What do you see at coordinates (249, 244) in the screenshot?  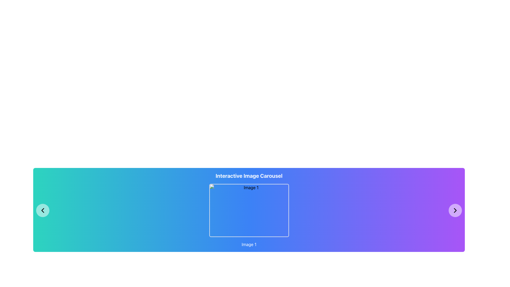 I see `the text element displaying 'Image 1', which is styled in white and positioned at the bottom of a vertically-stacked group within a gradient background` at bounding box center [249, 244].